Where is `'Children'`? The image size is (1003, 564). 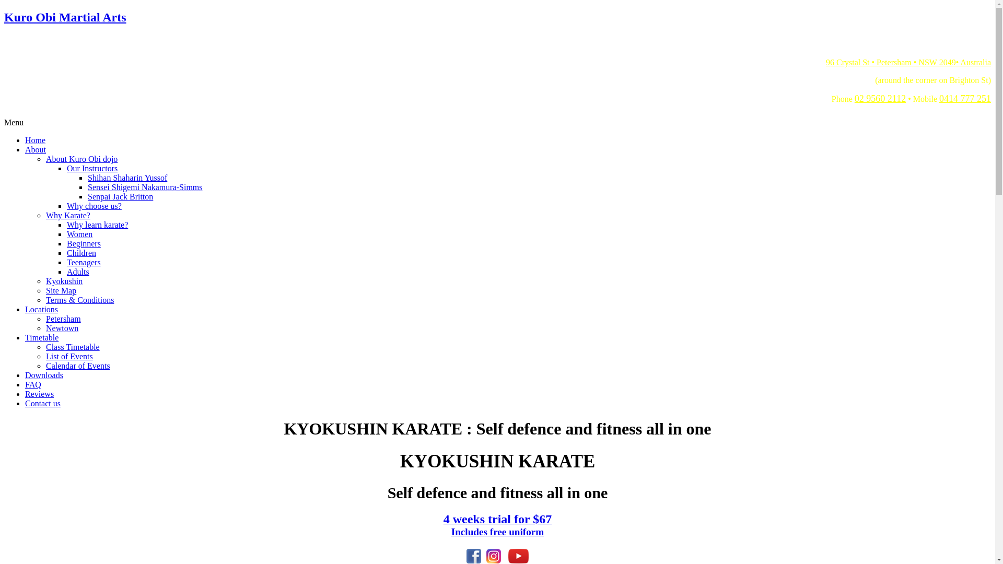
'Children' is located at coordinates (81, 253).